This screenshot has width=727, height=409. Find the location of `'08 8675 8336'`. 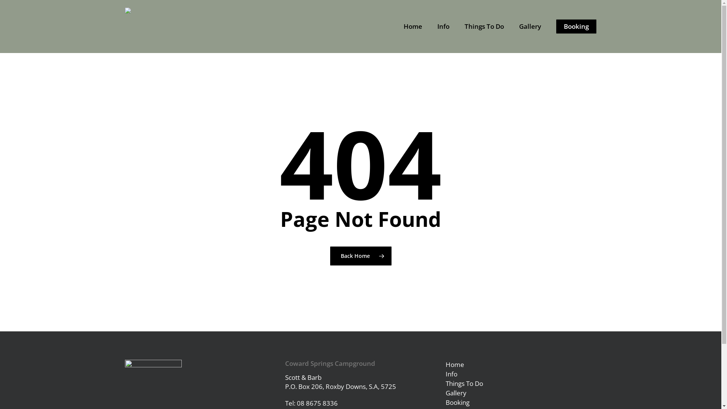

'08 8675 8336' is located at coordinates (317, 403).